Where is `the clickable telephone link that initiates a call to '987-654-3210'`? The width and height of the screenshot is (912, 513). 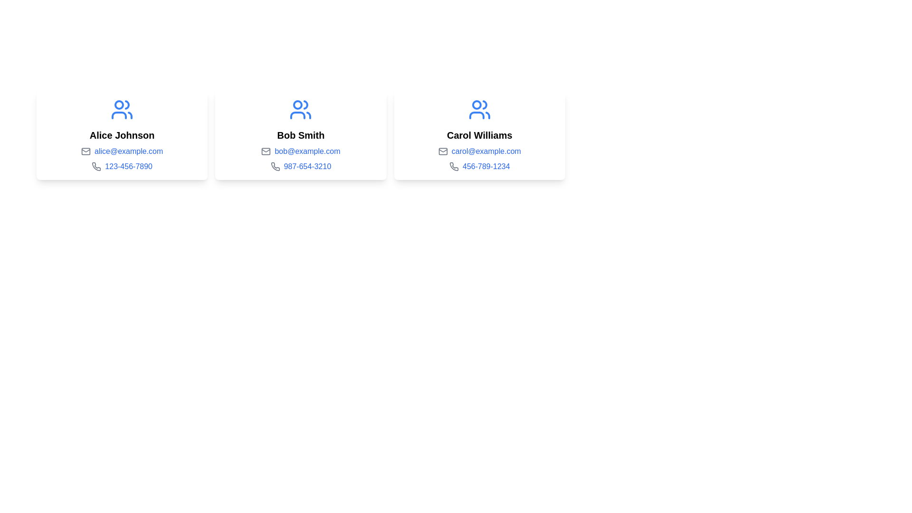 the clickable telephone link that initiates a call to '987-654-3210' is located at coordinates (307, 166).